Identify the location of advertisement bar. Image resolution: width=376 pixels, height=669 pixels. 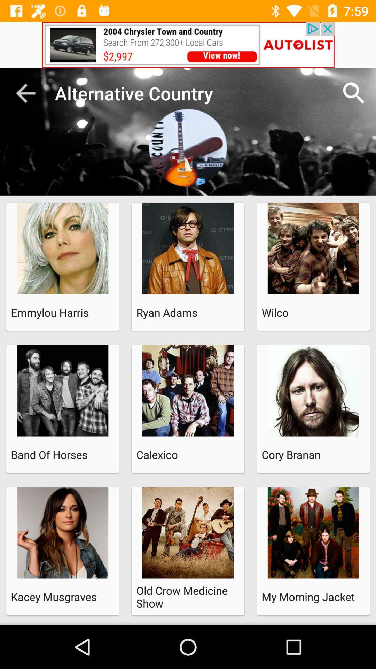
(188, 44).